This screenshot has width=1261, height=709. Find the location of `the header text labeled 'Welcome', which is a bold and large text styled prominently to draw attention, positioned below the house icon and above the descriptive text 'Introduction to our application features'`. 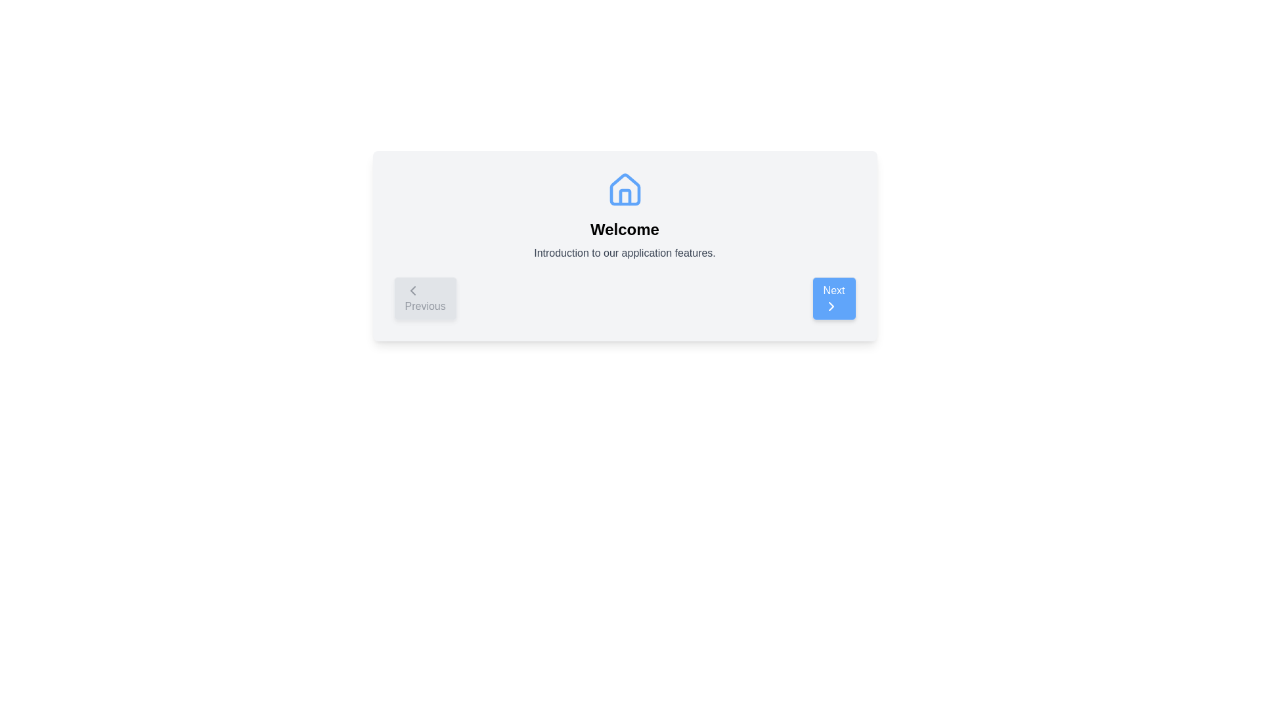

the header text labeled 'Welcome', which is a bold and large text styled prominently to draw attention, positioned below the house icon and above the descriptive text 'Introduction to our application features' is located at coordinates (624, 229).